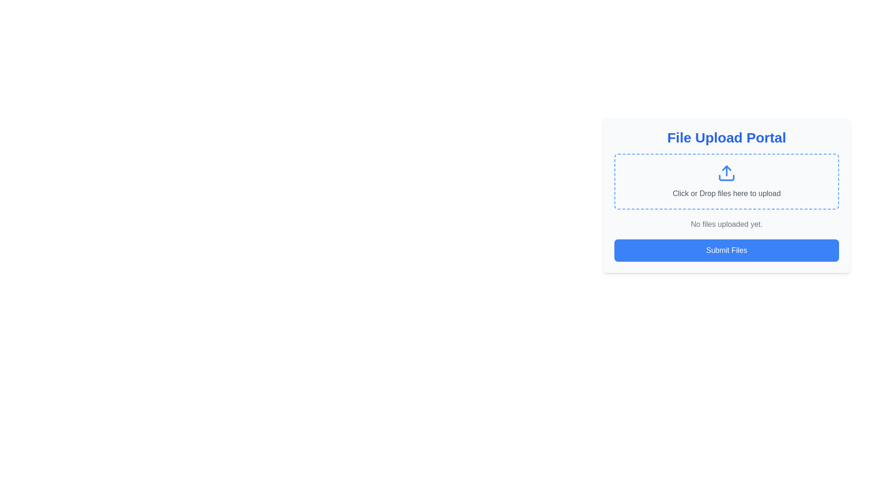 This screenshot has height=503, width=895. What do you see at coordinates (726, 173) in the screenshot?
I see `and drop files onto the upload icon located within the dashed-bordered area labeled 'Click or Drop files here` at bounding box center [726, 173].